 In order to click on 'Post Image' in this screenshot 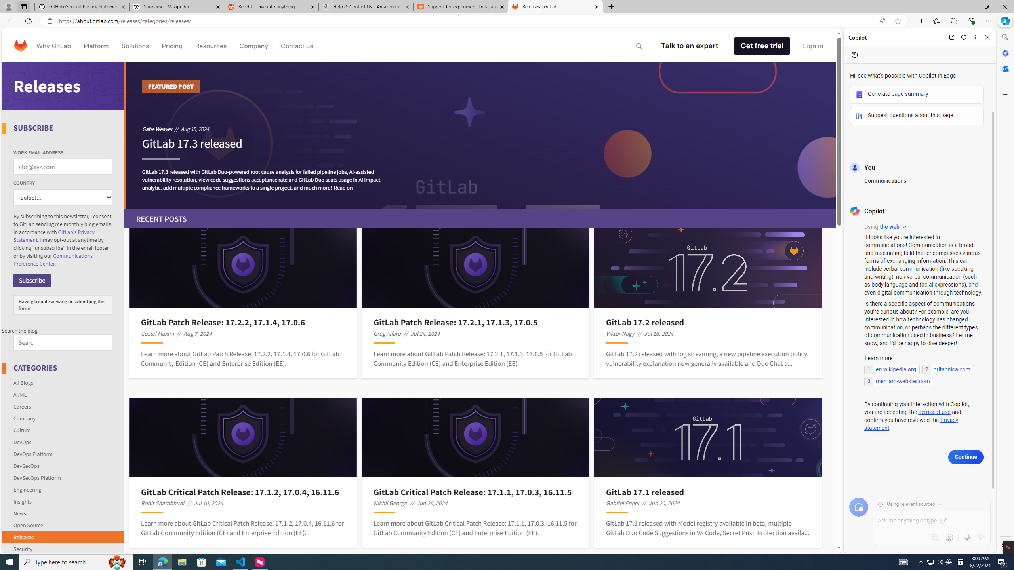, I will do `click(708, 437)`.